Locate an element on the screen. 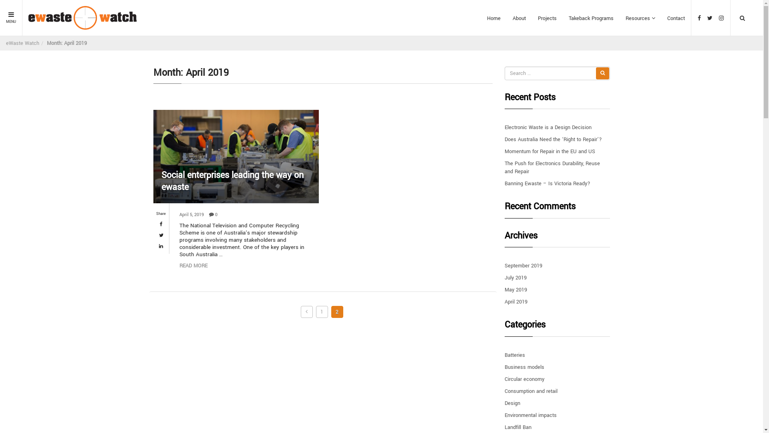  'eWaste Watch' is located at coordinates (22, 43).